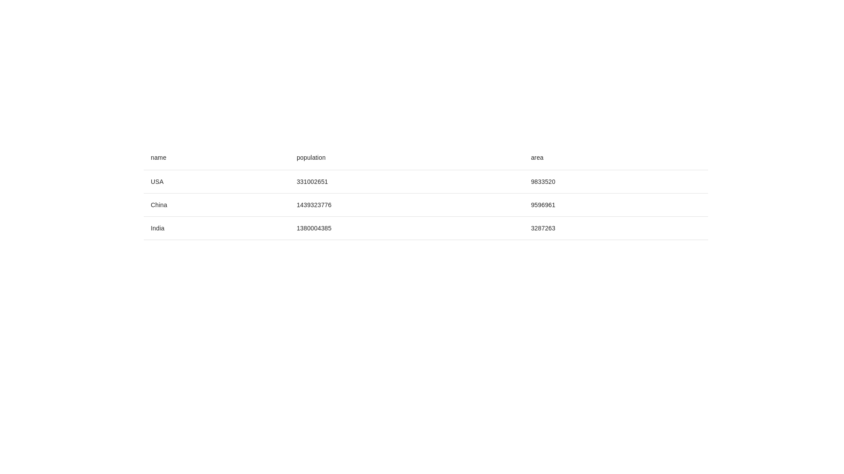 This screenshot has height=474, width=844. What do you see at coordinates (615, 228) in the screenshot?
I see `the table cell displaying the area data for the country 'India' in the third column of its row` at bounding box center [615, 228].